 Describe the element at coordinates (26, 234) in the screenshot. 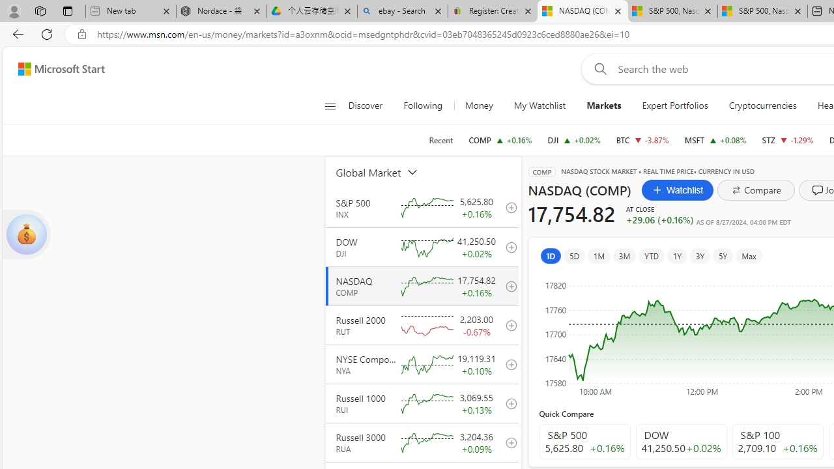

I see `'show card'` at that location.